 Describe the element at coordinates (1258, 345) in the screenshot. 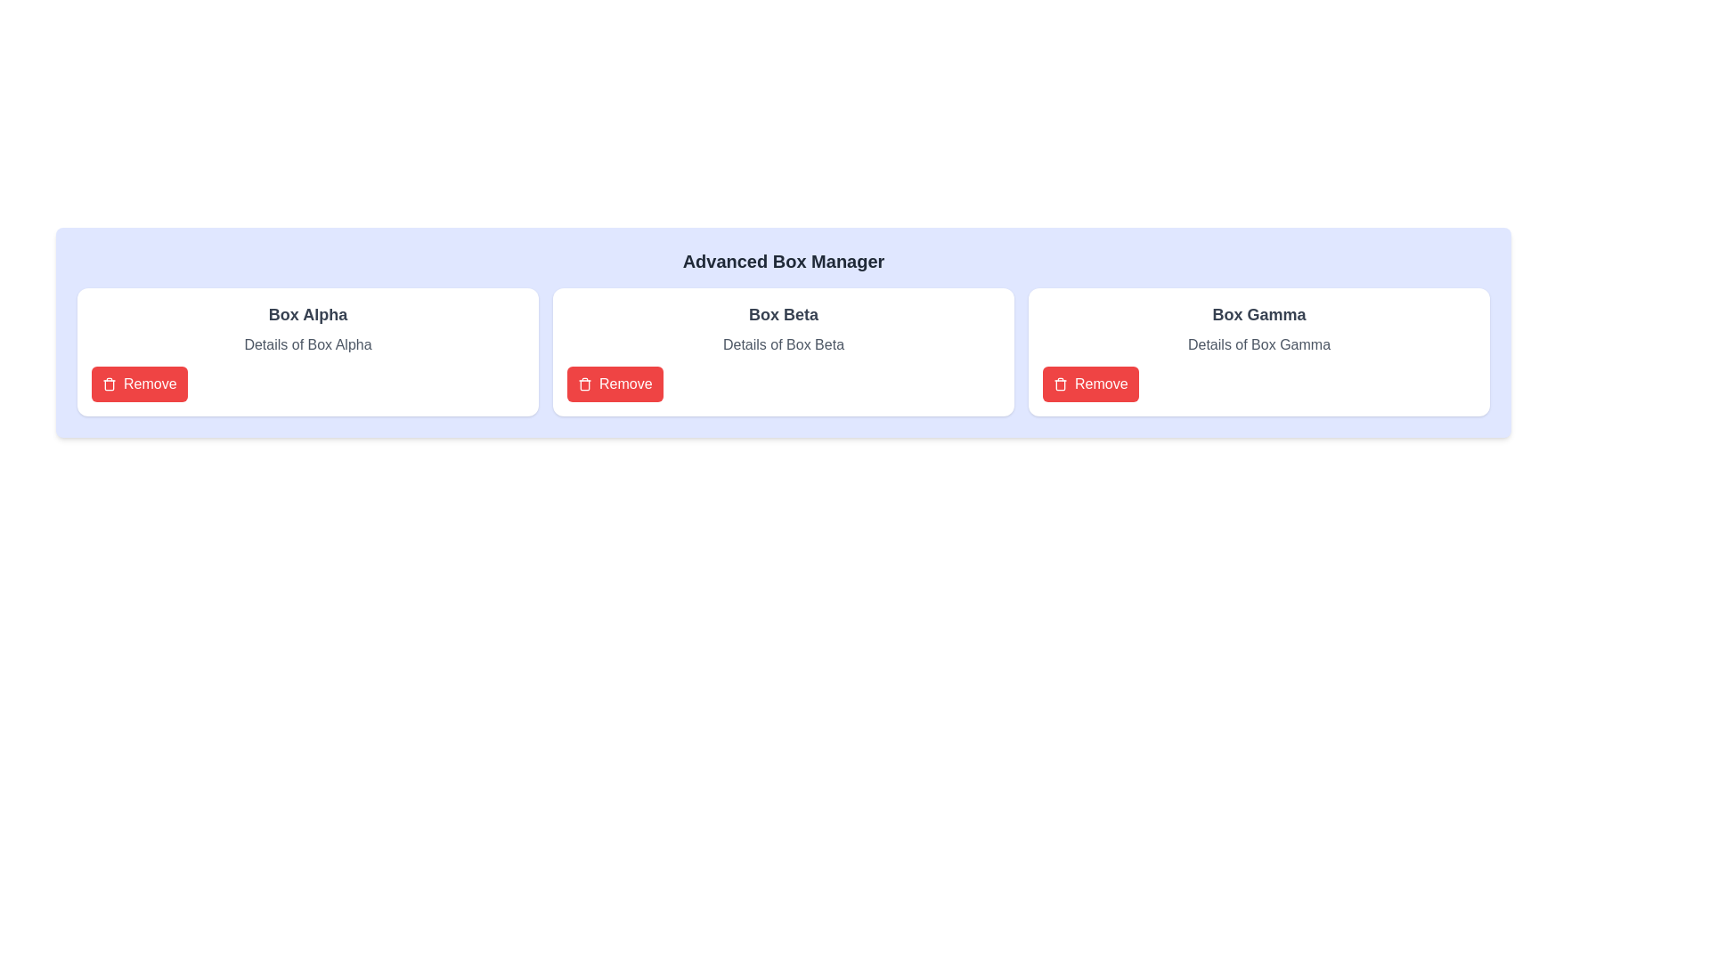

I see `the static text element located beneath the 'Box Gamma' title in the 'Box Gamma' card, which provides additional details for the card` at that location.